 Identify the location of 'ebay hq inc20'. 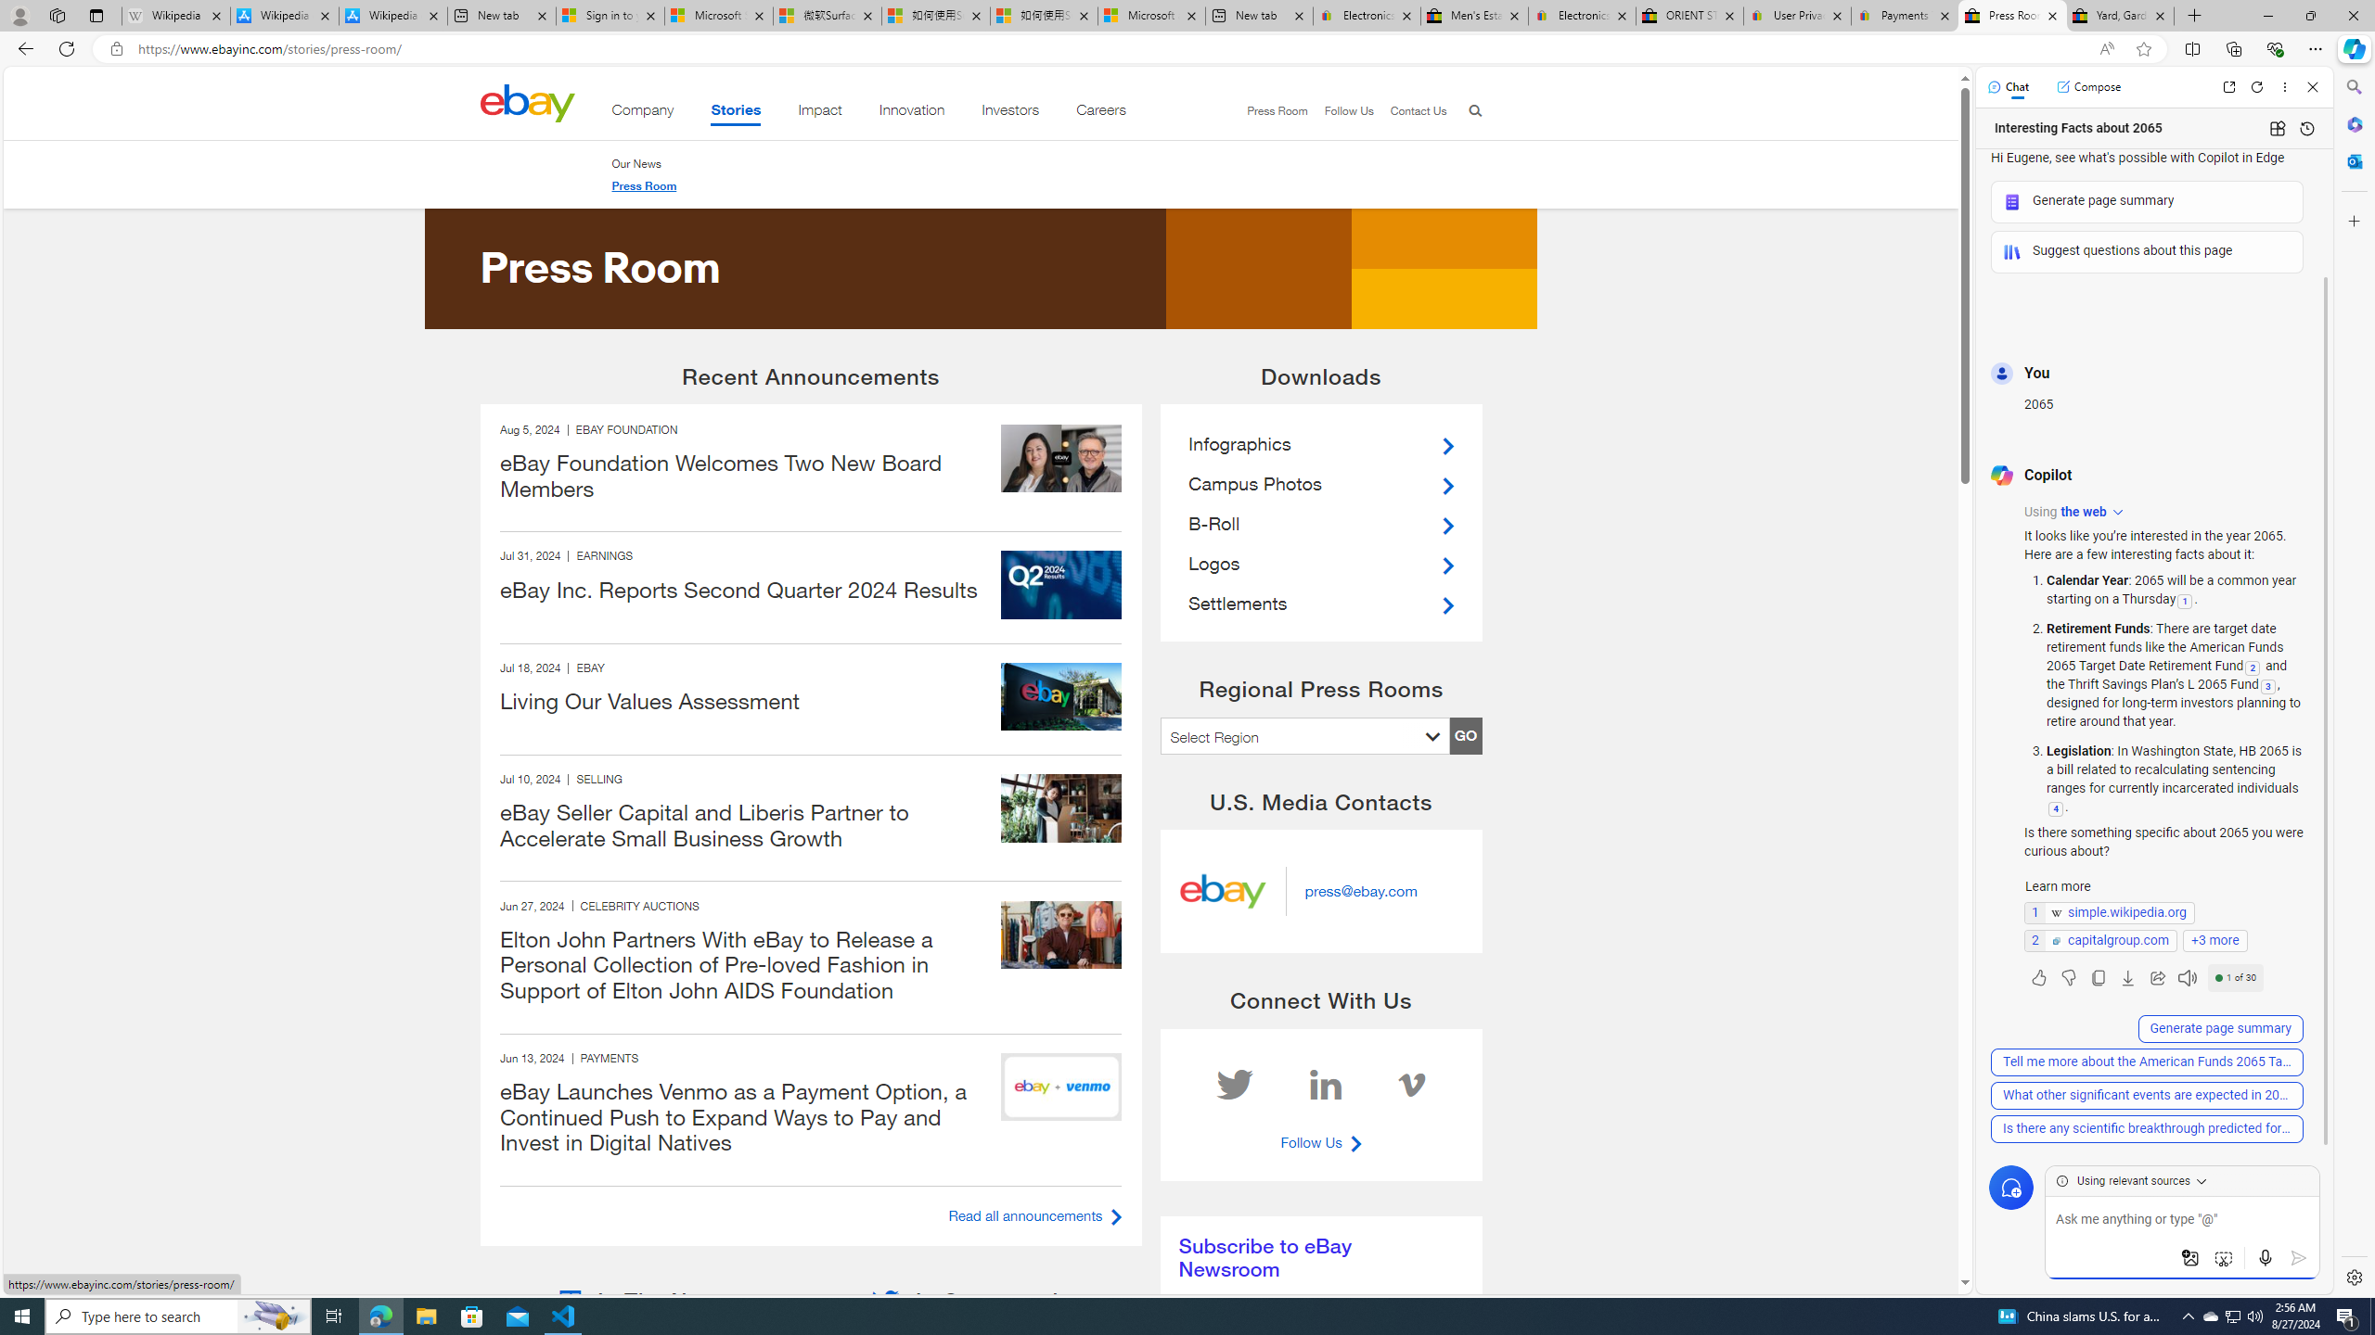
(1061, 695).